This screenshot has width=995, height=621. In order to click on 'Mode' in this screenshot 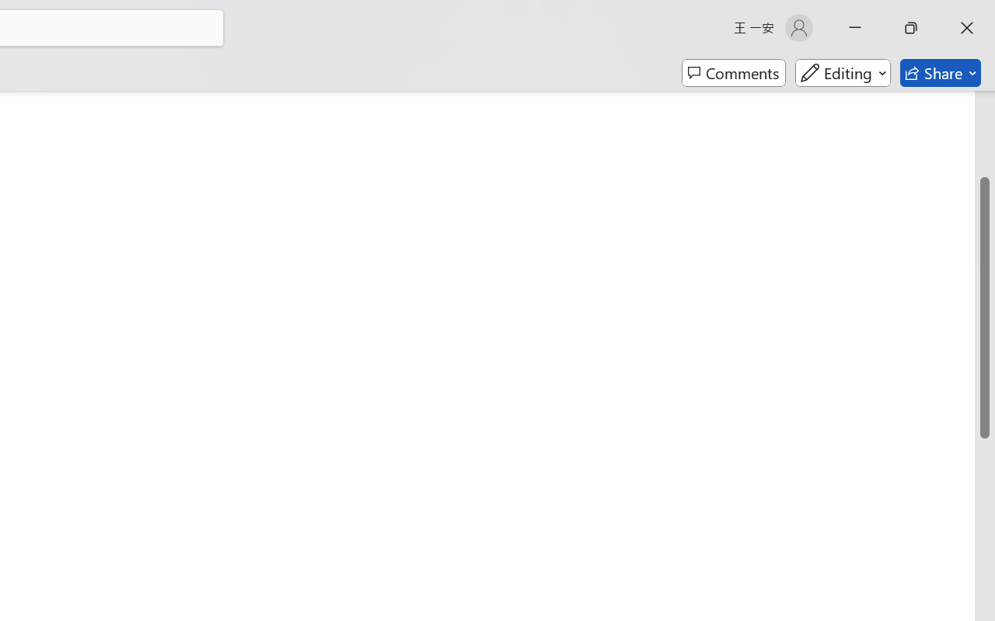, I will do `click(842, 73)`.